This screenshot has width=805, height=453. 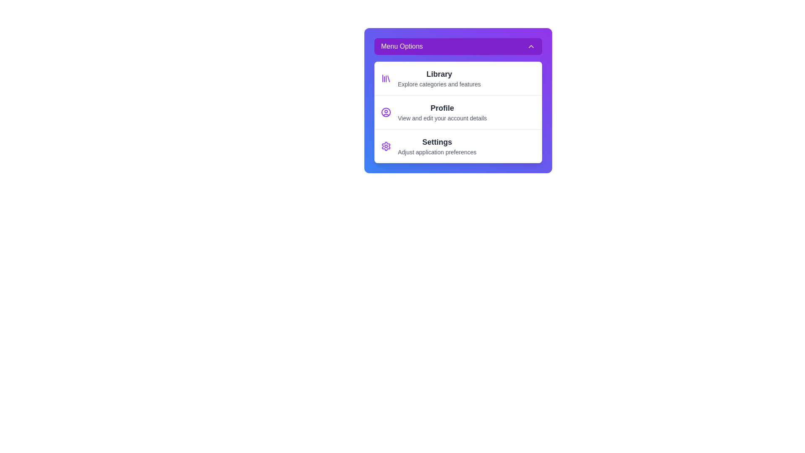 I want to click on the bold text label with the content 'Profile' that is prominently styled as a section title, located between 'Library' and 'Settings', so click(x=442, y=108).